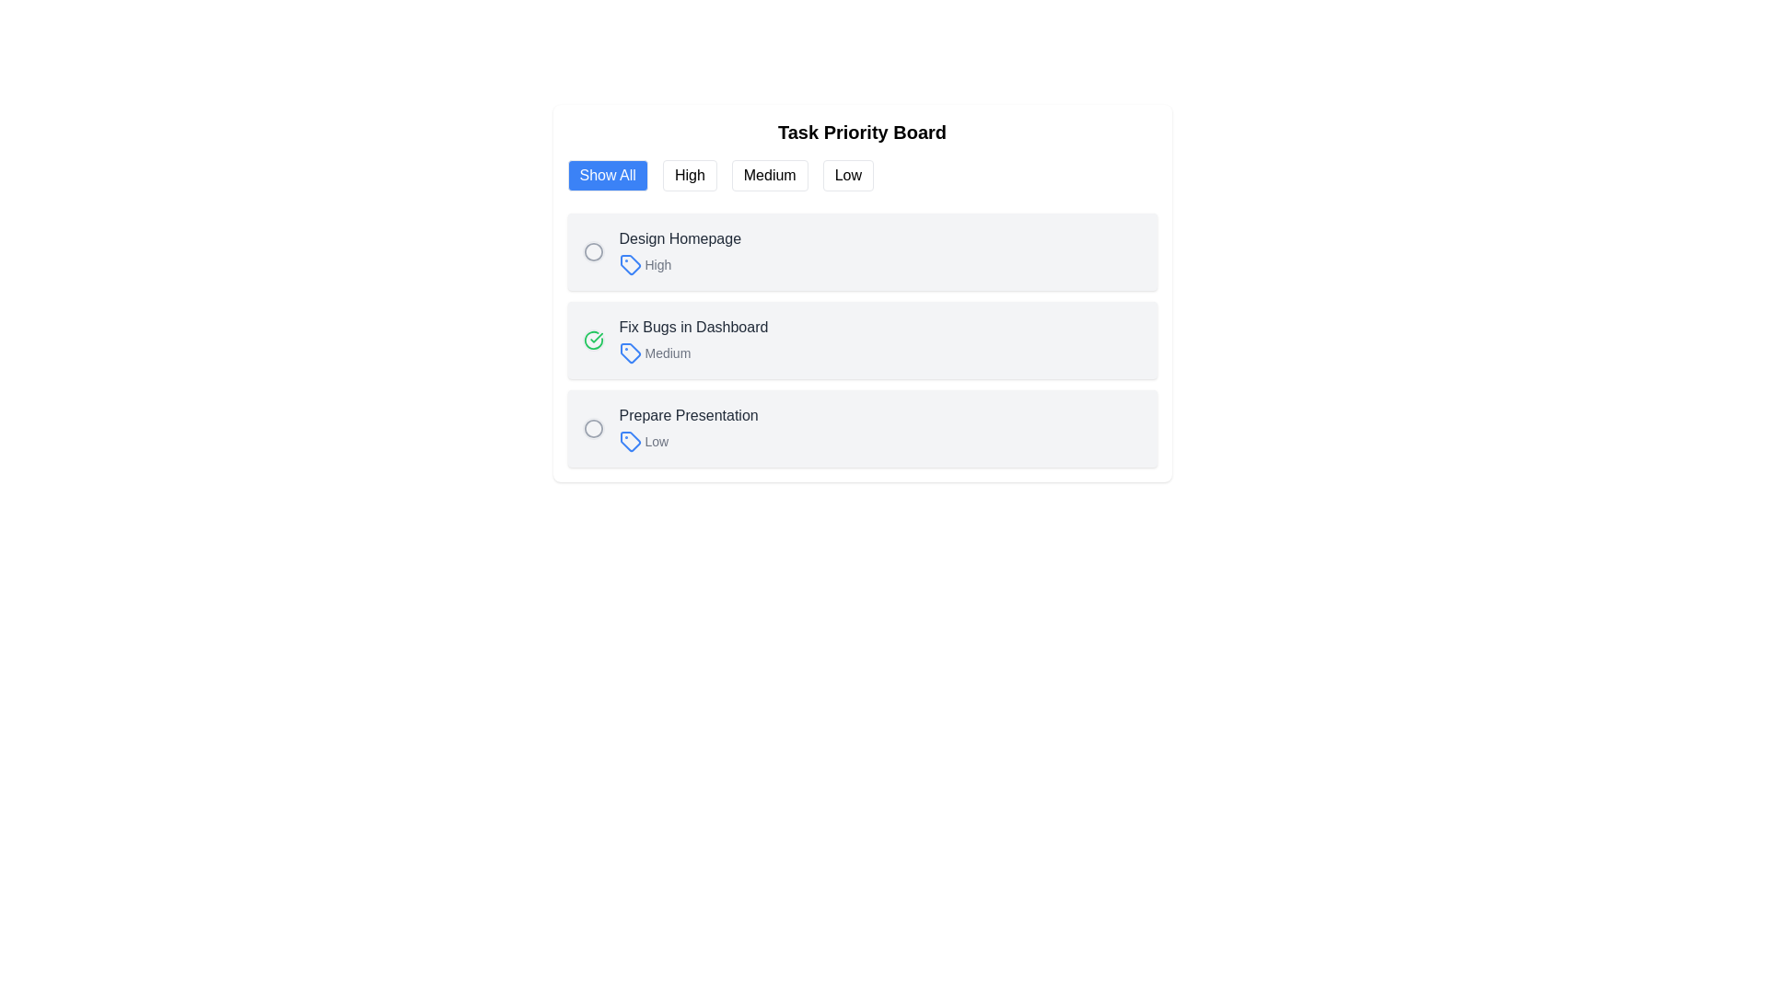 This screenshot has width=1768, height=994. Describe the element at coordinates (669, 429) in the screenshot. I see `the third task entry in the 'Task Priority Board' that has a light gray background and rounded corners, below 'Fix Bugs in Dashboard'` at that location.